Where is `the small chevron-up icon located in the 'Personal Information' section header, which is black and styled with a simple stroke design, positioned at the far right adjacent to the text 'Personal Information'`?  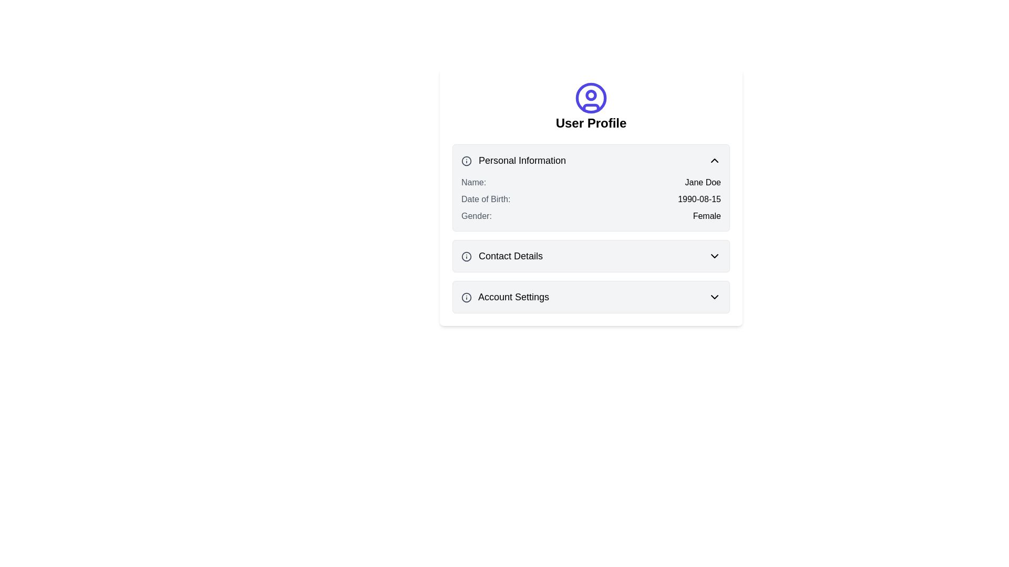
the small chevron-up icon located in the 'Personal Information' section header, which is black and styled with a simple stroke design, positioned at the far right adjacent to the text 'Personal Information' is located at coordinates (714, 160).